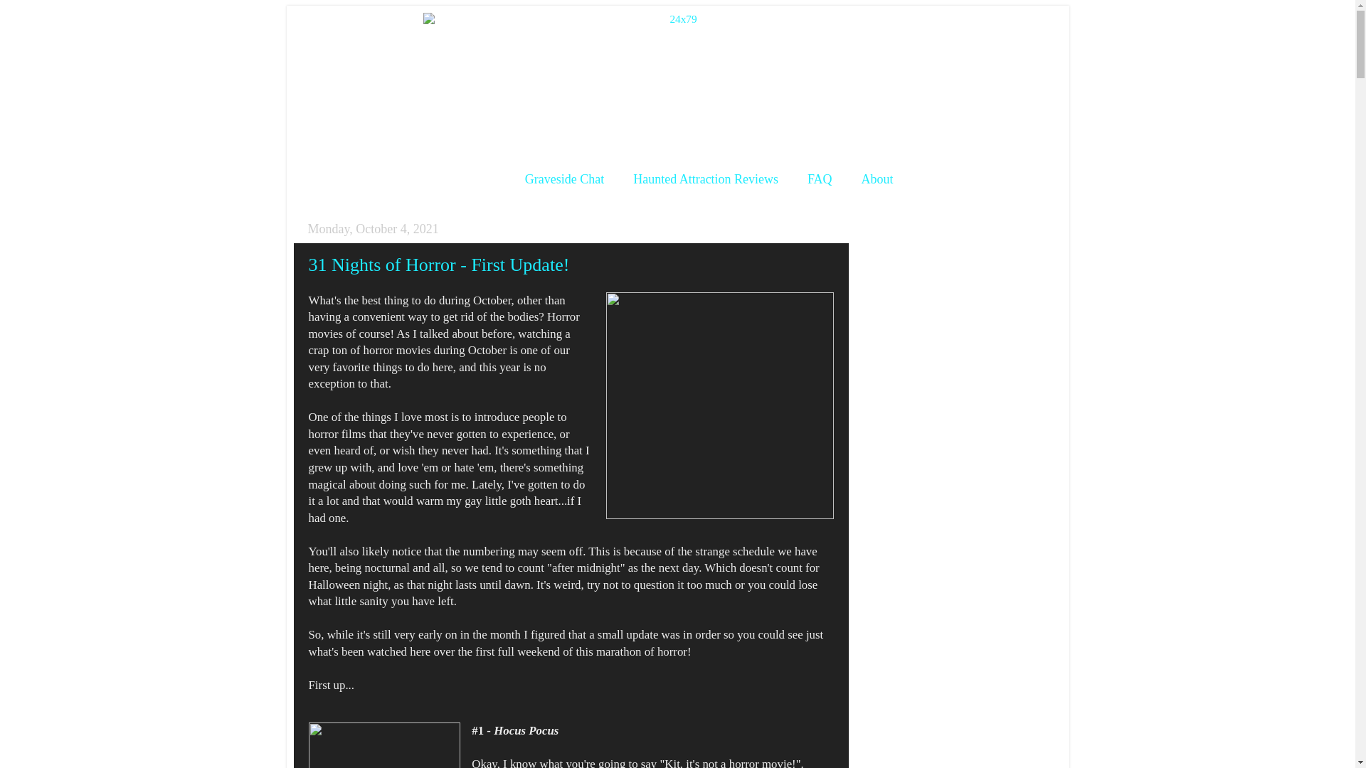  What do you see at coordinates (877, 178) in the screenshot?
I see `'About'` at bounding box center [877, 178].